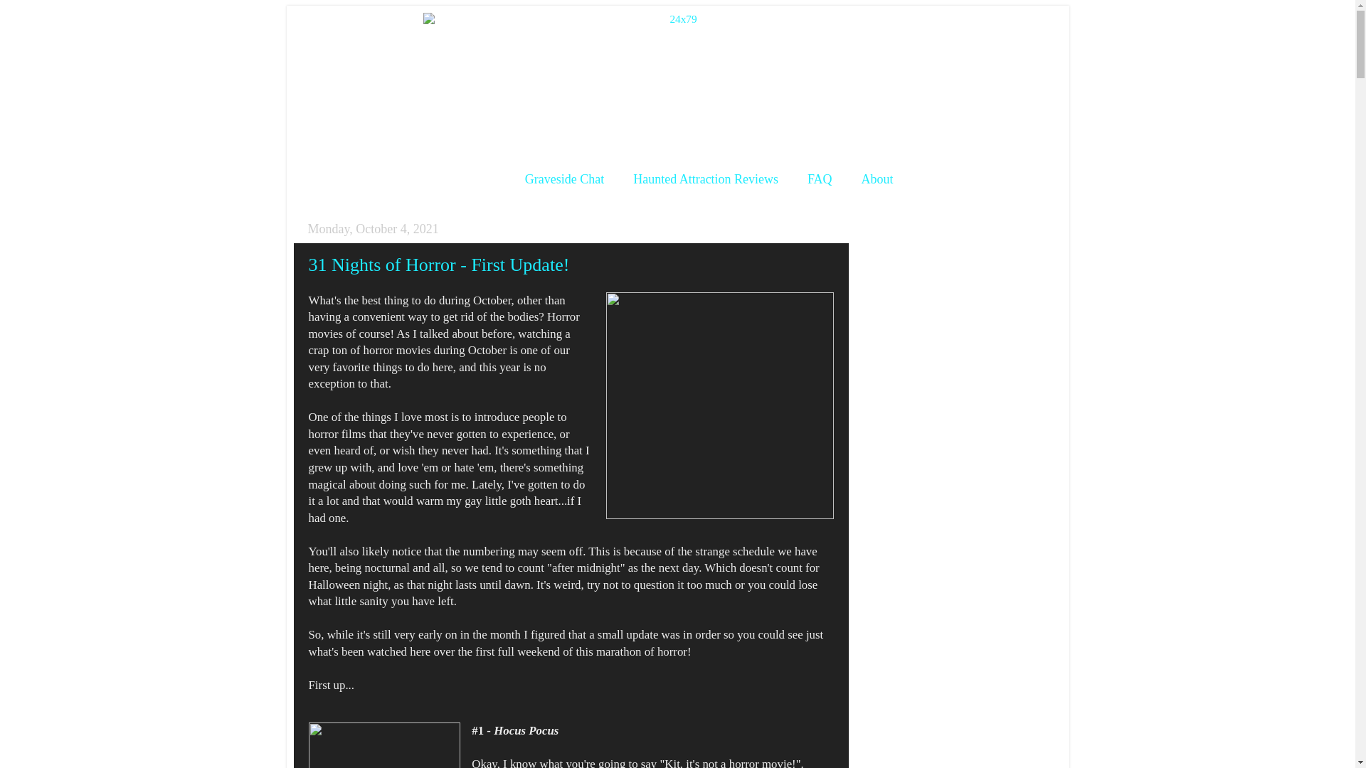  What do you see at coordinates (877, 178) in the screenshot?
I see `'About'` at bounding box center [877, 178].